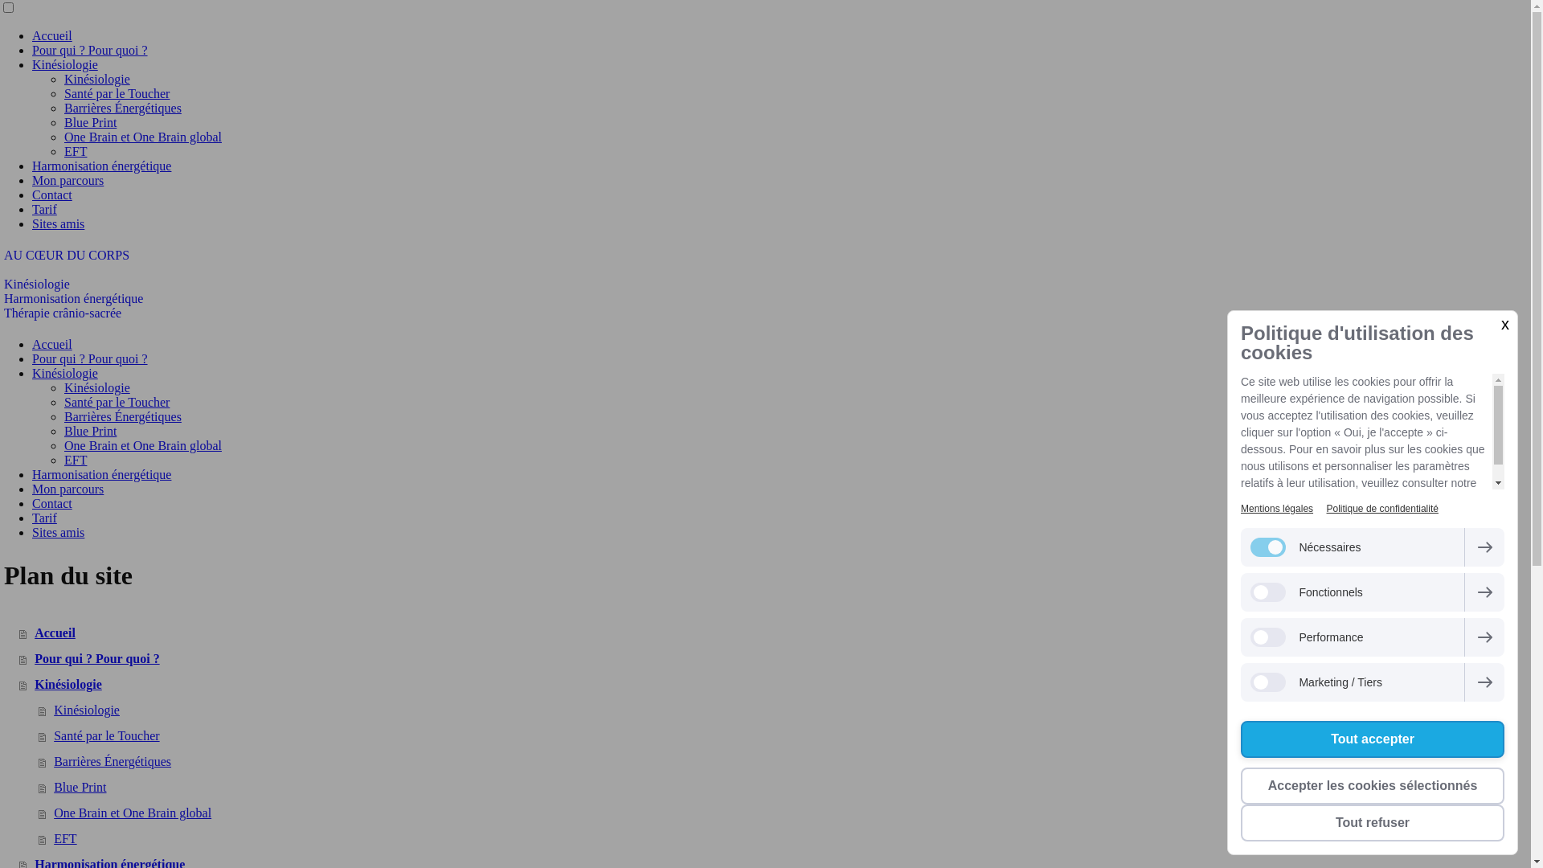 The width and height of the screenshot is (1543, 868). Describe the element at coordinates (58, 532) in the screenshot. I see `'Sites amis'` at that location.